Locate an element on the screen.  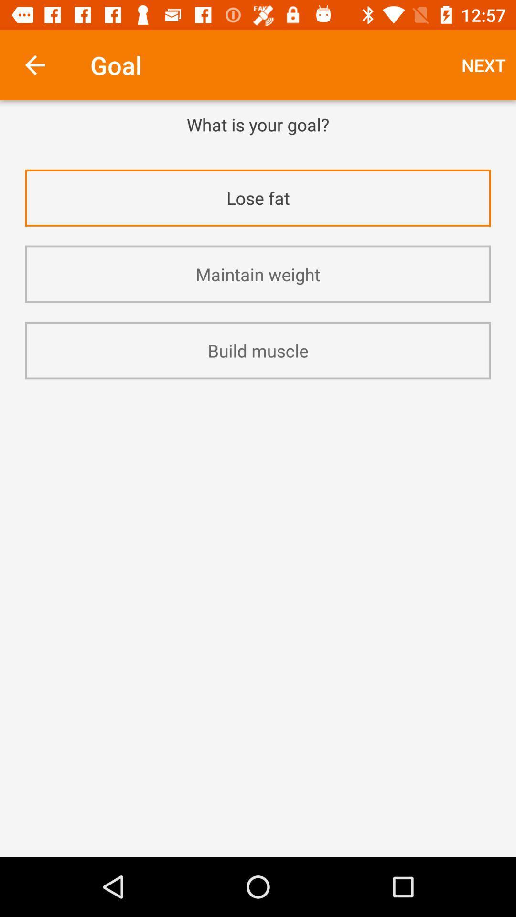
the maintain weight item is located at coordinates (258, 274).